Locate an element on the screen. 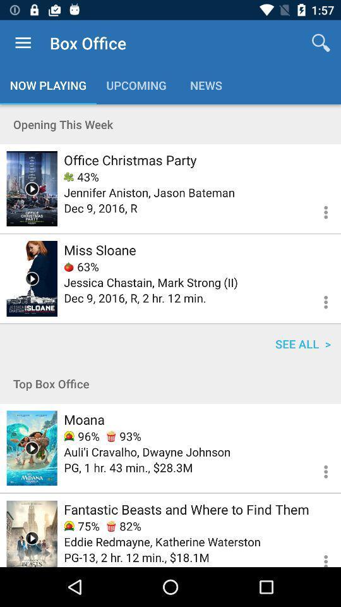  open options is located at coordinates (318, 555).